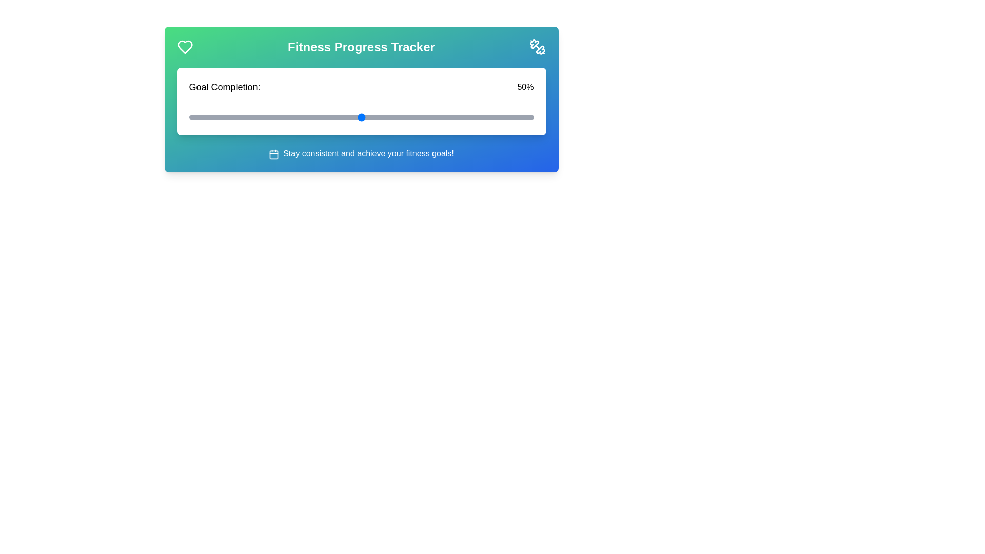 This screenshot has width=985, height=554. Describe the element at coordinates (399, 116) in the screenshot. I see `the slider to set the goal completion percentage to 61` at that location.